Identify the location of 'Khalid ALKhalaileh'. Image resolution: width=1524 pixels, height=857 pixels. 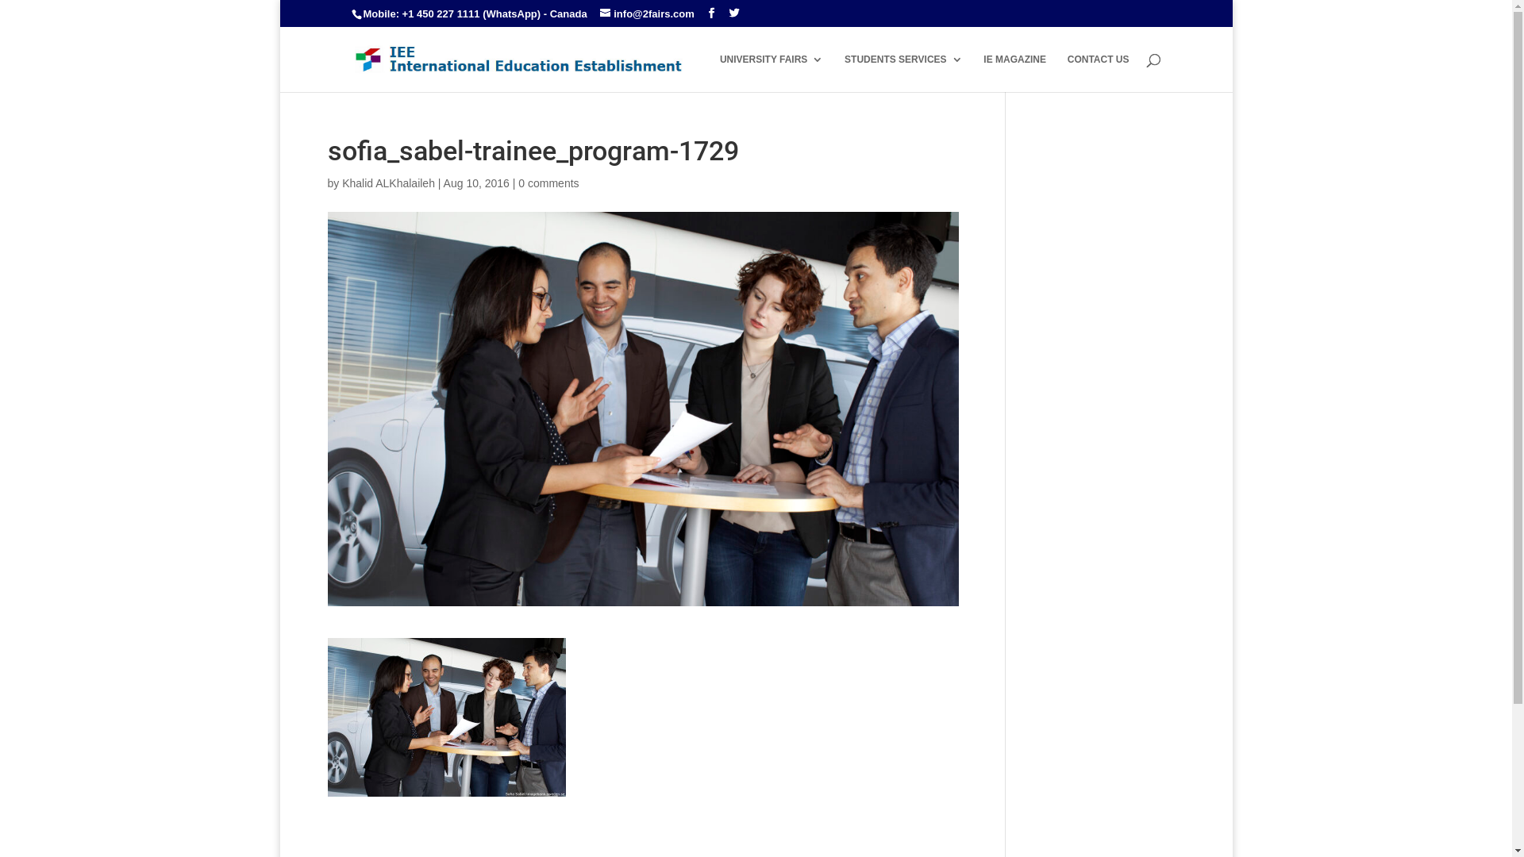
(388, 183).